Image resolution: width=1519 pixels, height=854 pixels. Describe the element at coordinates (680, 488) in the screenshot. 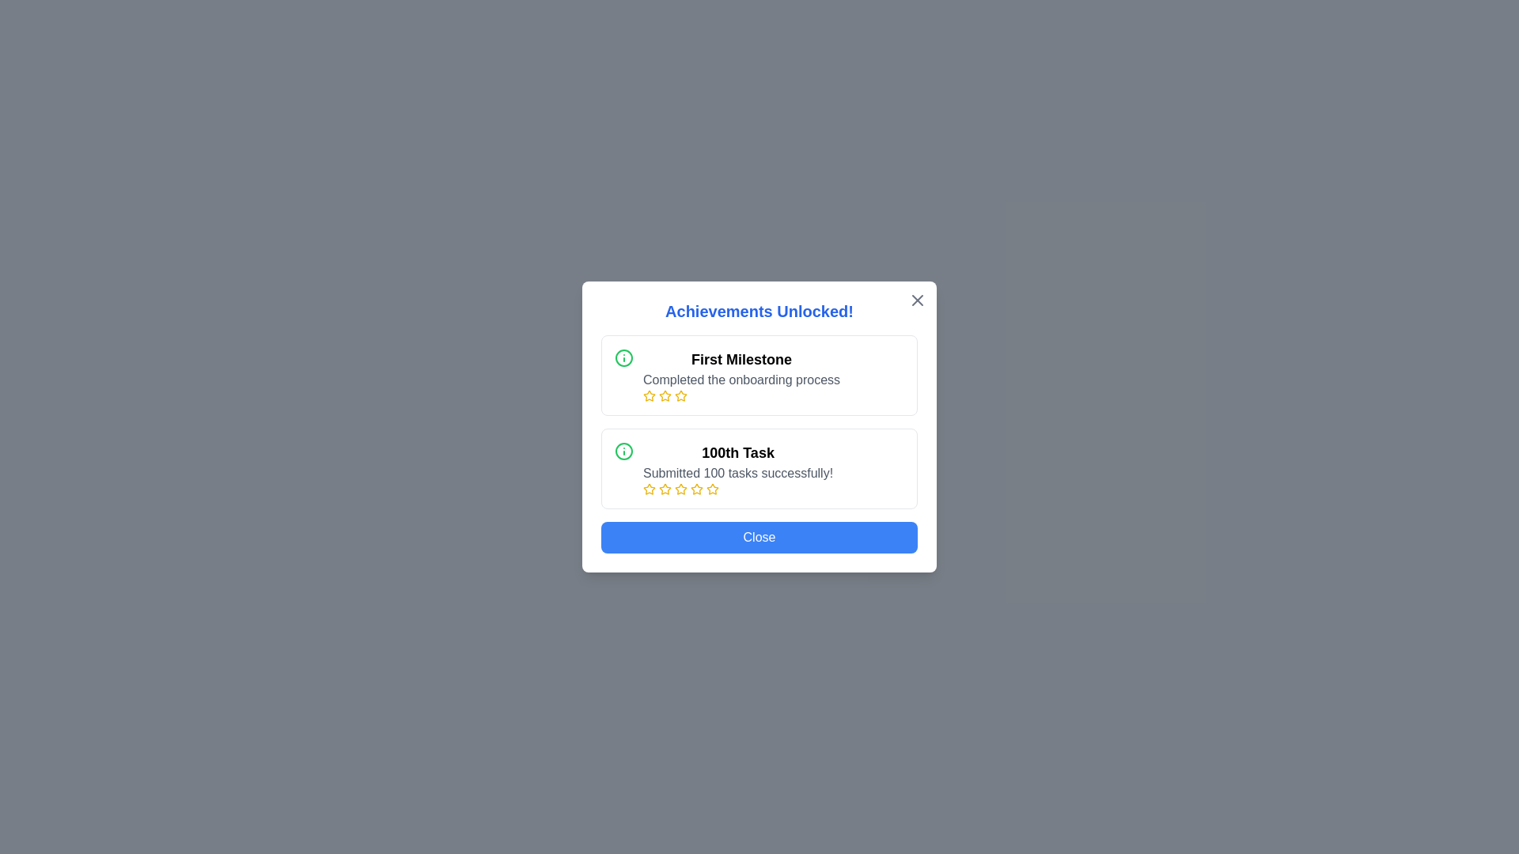

I see `the fourth star icon used to represent a rating level, located below the '100th Task' achievement title in the interface to interact with it` at that location.